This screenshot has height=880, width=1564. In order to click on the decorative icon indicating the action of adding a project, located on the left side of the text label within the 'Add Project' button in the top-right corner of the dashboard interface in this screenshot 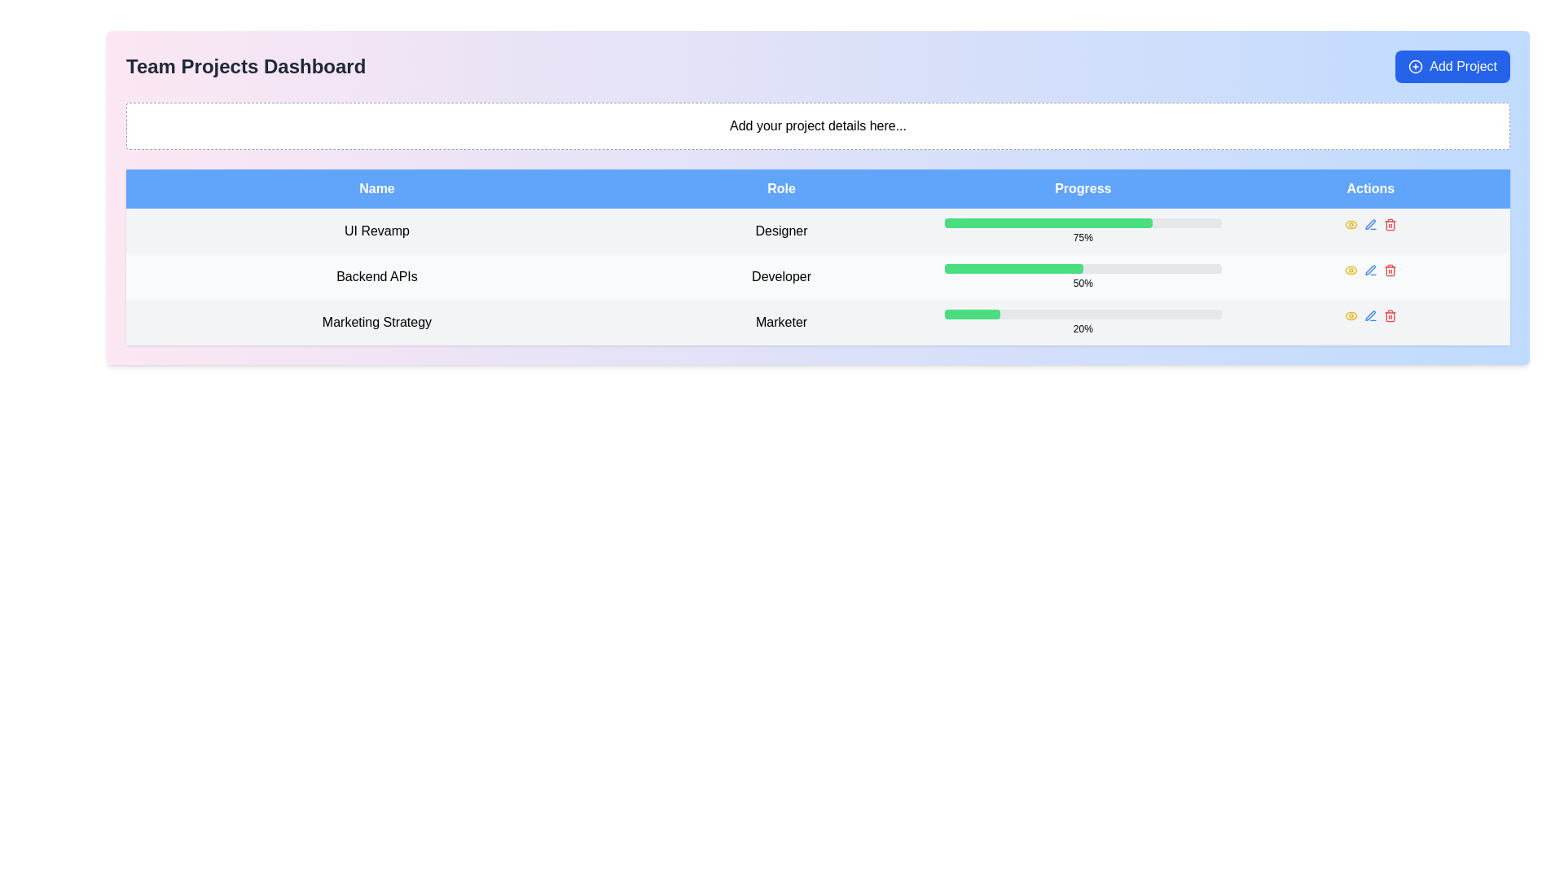, I will do `click(1414, 65)`.